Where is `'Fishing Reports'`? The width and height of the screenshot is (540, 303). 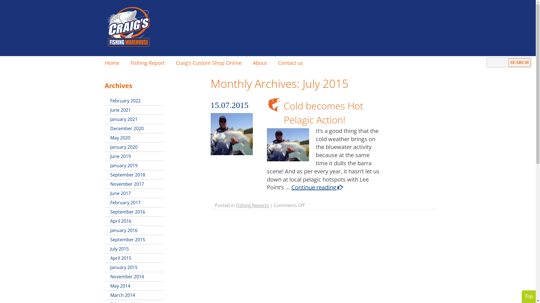 'Fishing Reports' is located at coordinates (252, 205).